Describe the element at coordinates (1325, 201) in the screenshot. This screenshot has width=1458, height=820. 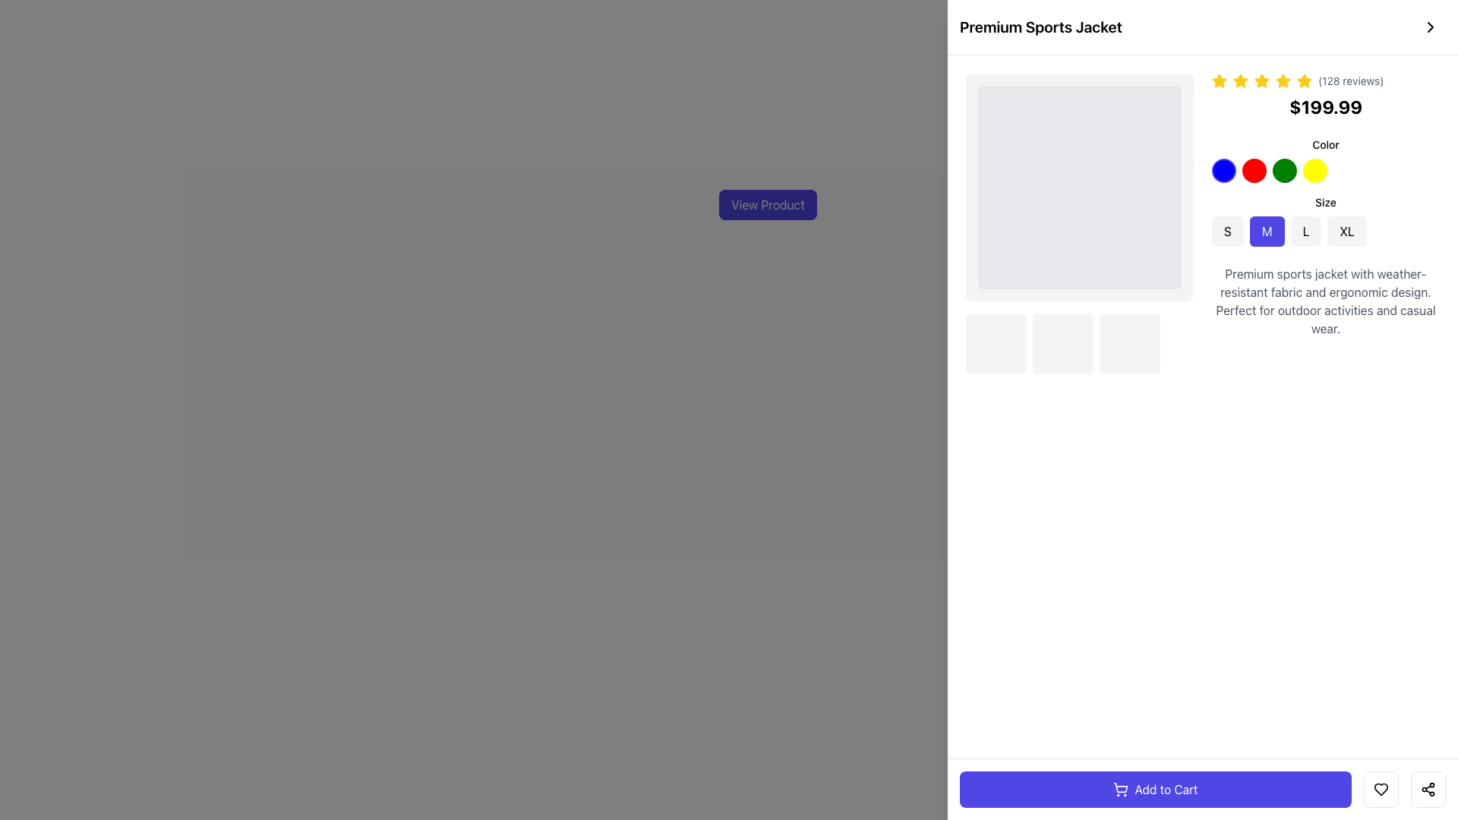
I see `the static text label reading 'Size' which is located above the size-selection buttons in the UI` at that location.